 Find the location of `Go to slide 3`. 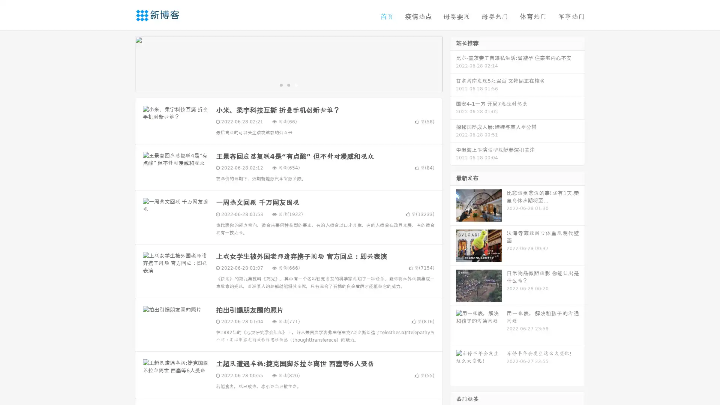

Go to slide 3 is located at coordinates (296, 84).